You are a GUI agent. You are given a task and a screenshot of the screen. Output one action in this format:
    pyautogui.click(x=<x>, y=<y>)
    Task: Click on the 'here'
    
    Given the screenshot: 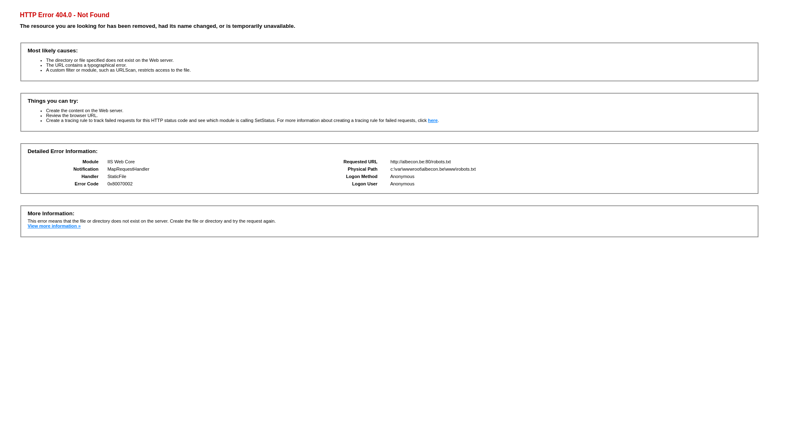 What is the action you would take?
    pyautogui.click(x=428, y=120)
    